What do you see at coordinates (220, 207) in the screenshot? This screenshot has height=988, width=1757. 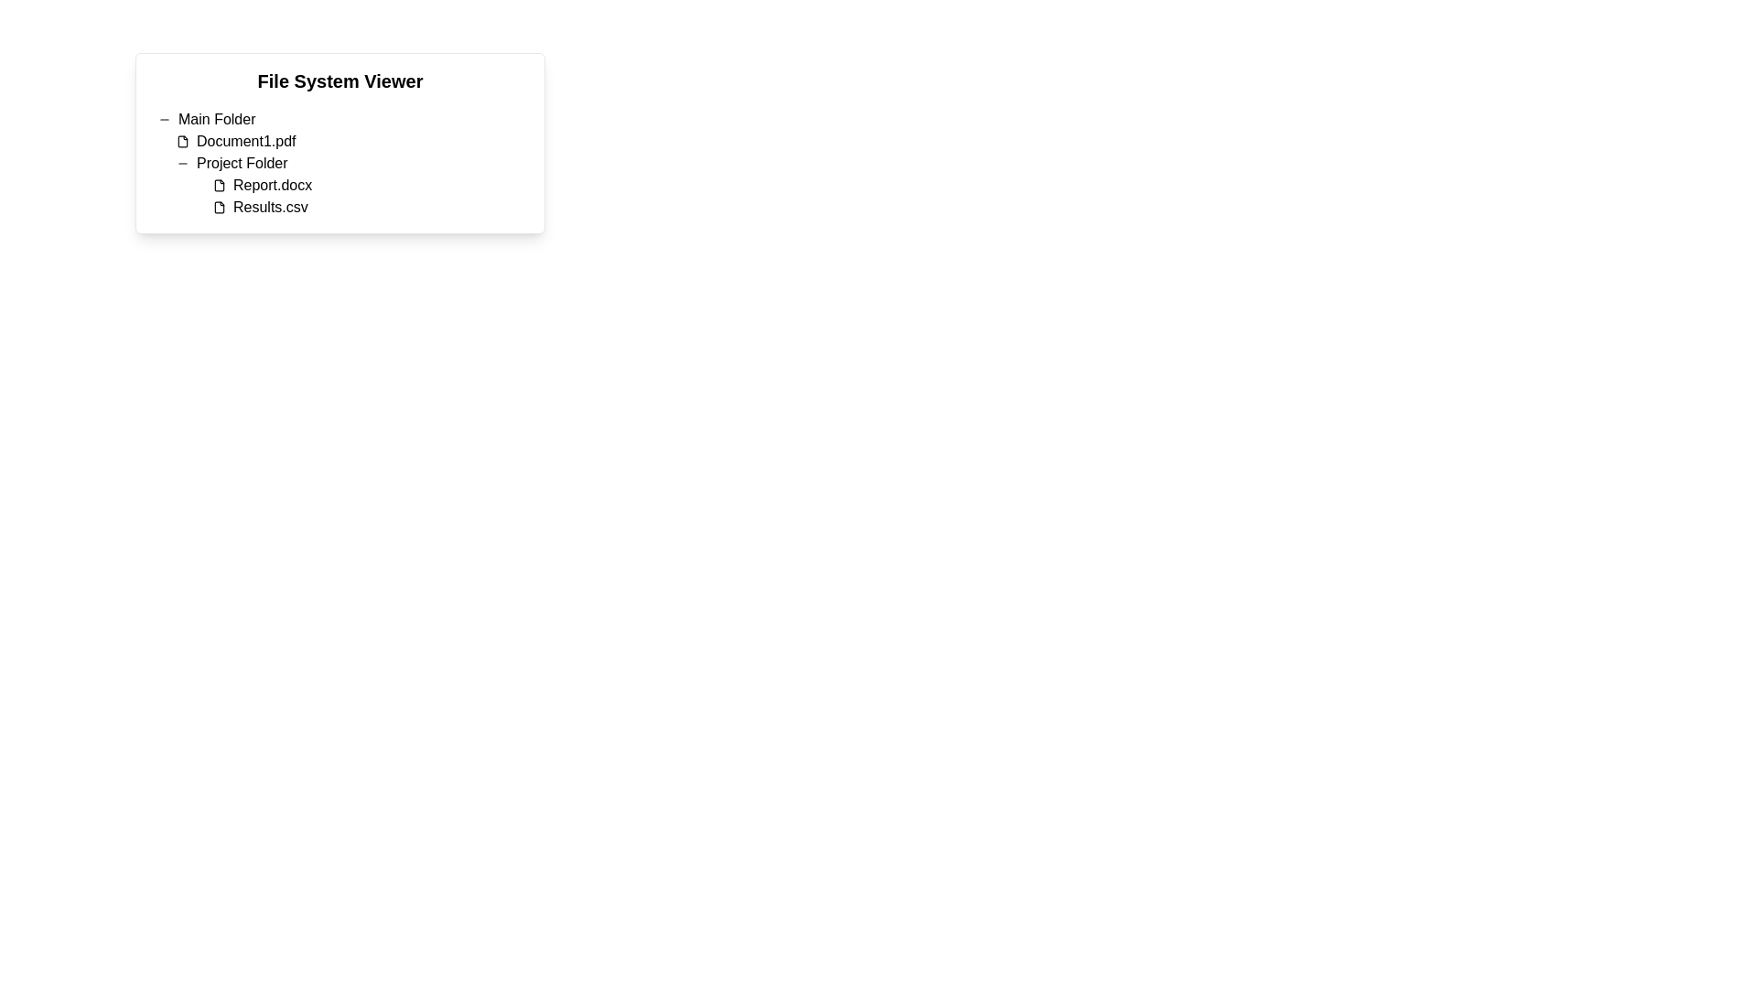 I see `the small file icon representing a document located on the left side of 'Results.csv' in the 'Project Folder' section of the 'File System Viewer' interface` at bounding box center [220, 207].